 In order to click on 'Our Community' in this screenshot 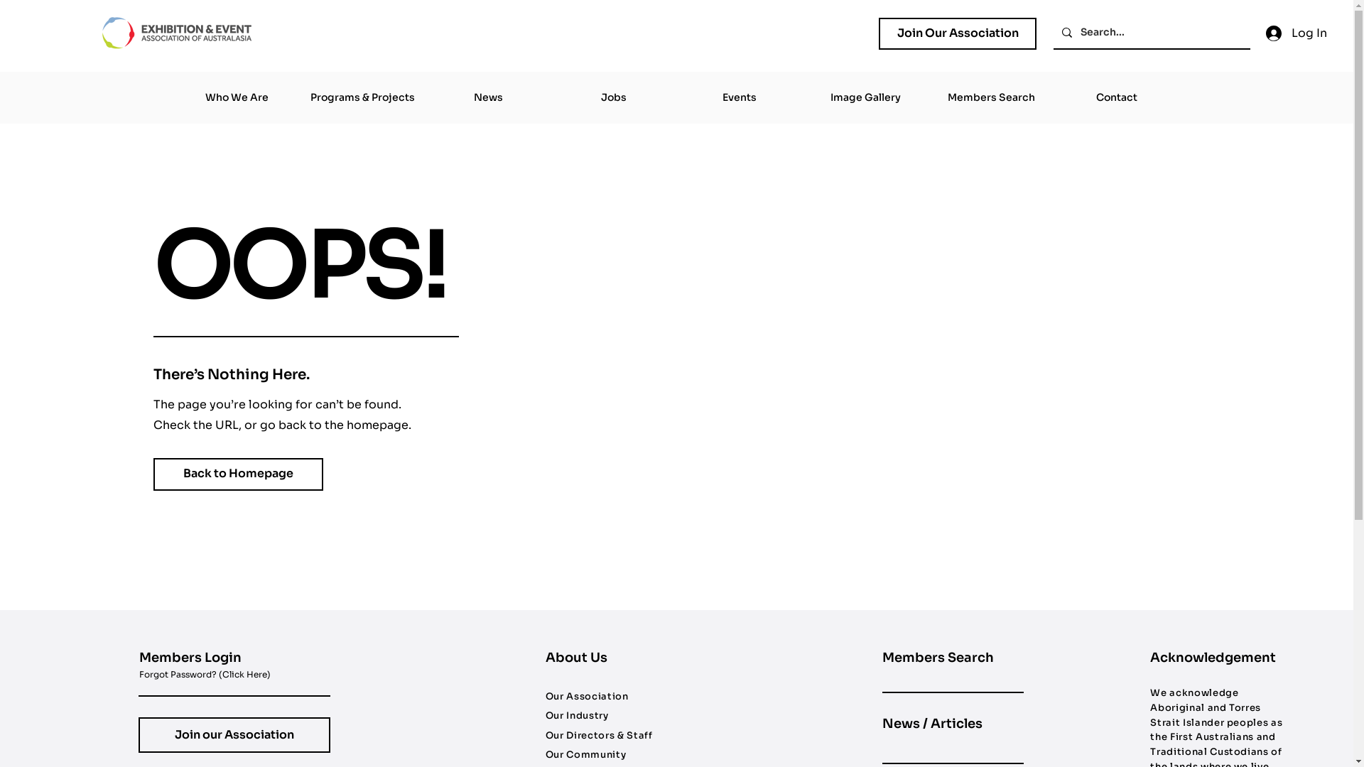, I will do `click(585, 754)`.